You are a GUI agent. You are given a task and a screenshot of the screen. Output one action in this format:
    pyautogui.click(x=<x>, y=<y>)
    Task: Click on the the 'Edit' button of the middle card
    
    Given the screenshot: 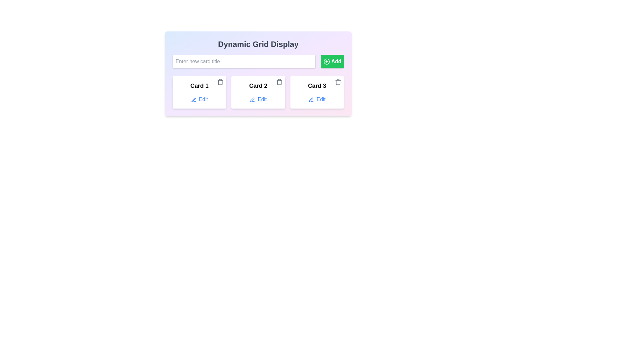 What is the action you would take?
    pyautogui.click(x=258, y=92)
    